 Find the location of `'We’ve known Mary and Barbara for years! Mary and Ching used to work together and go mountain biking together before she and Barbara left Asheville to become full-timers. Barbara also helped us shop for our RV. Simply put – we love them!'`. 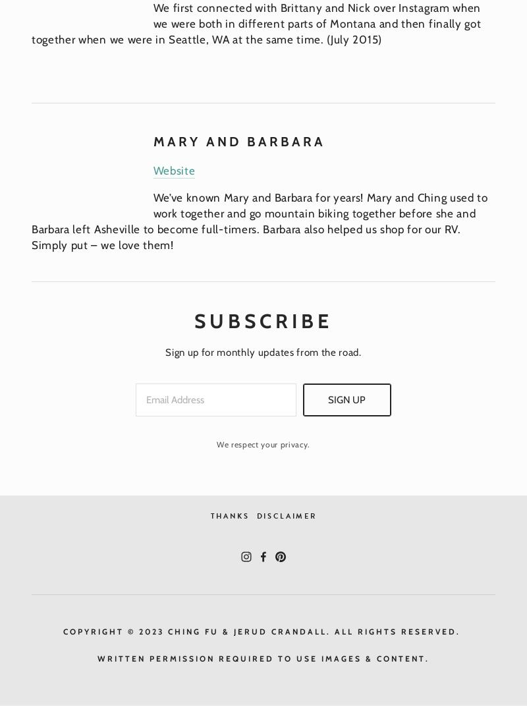

'We’ve known Mary and Barbara for years! Mary and Ching used to work together and go mountain biking together before she and Barbara left Asheville to become full-timers. Barbara also helped us shop for our RV. Simply put – we love them!' is located at coordinates (260, 221).